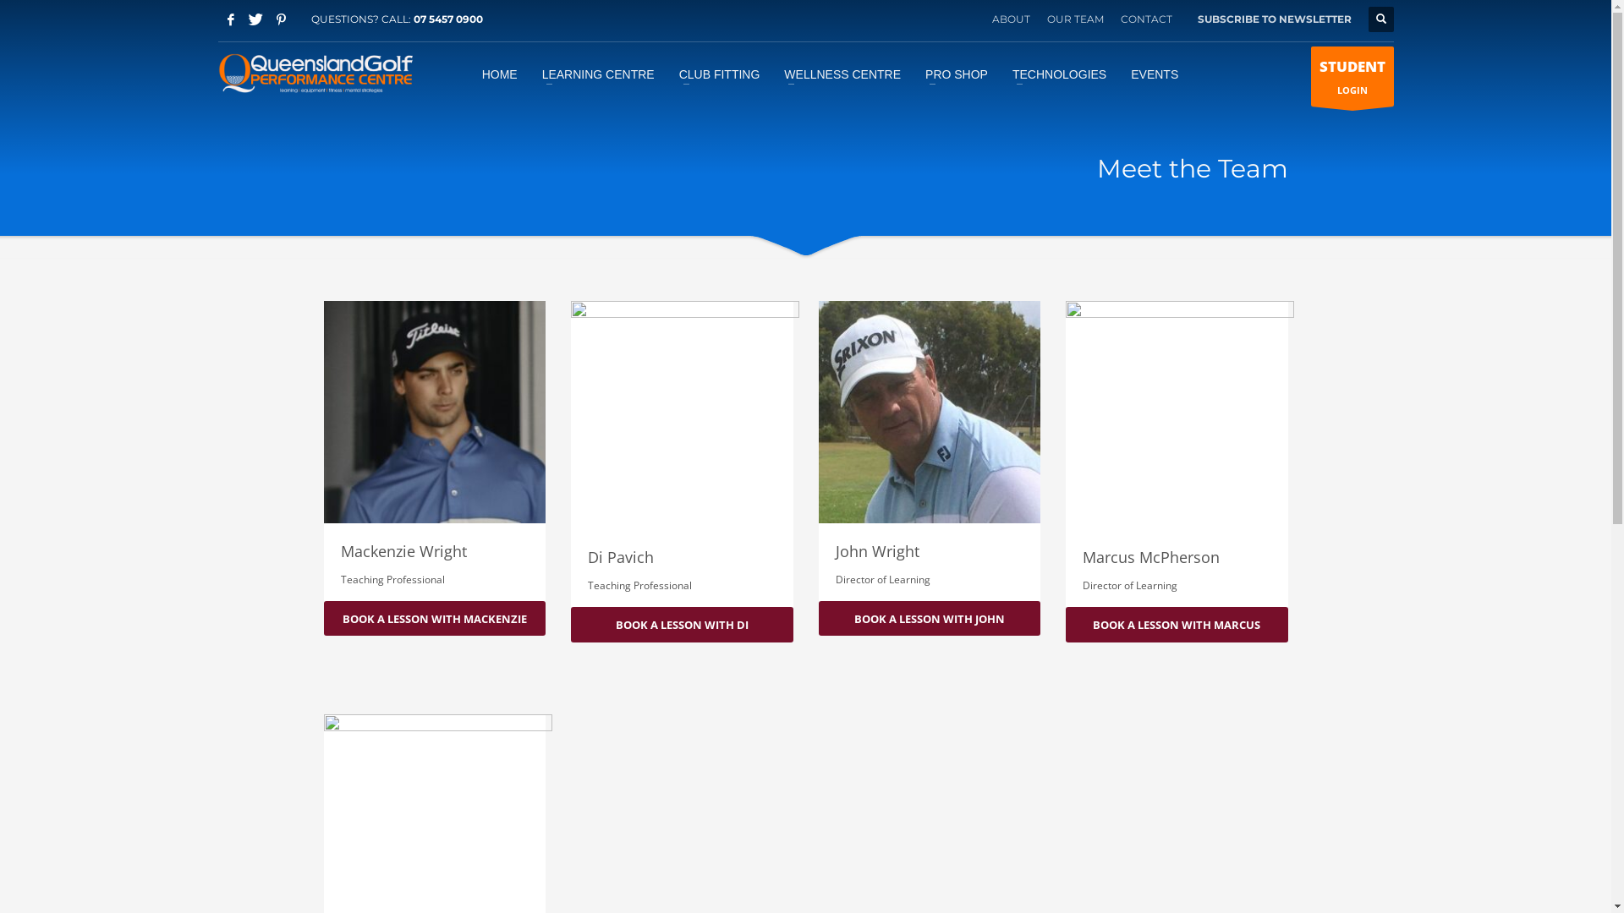 The width and height of the screenshot is (1624, 913). I want to click on 'BOOK A LESSON WITH MARCUS', so click(1064, 625).